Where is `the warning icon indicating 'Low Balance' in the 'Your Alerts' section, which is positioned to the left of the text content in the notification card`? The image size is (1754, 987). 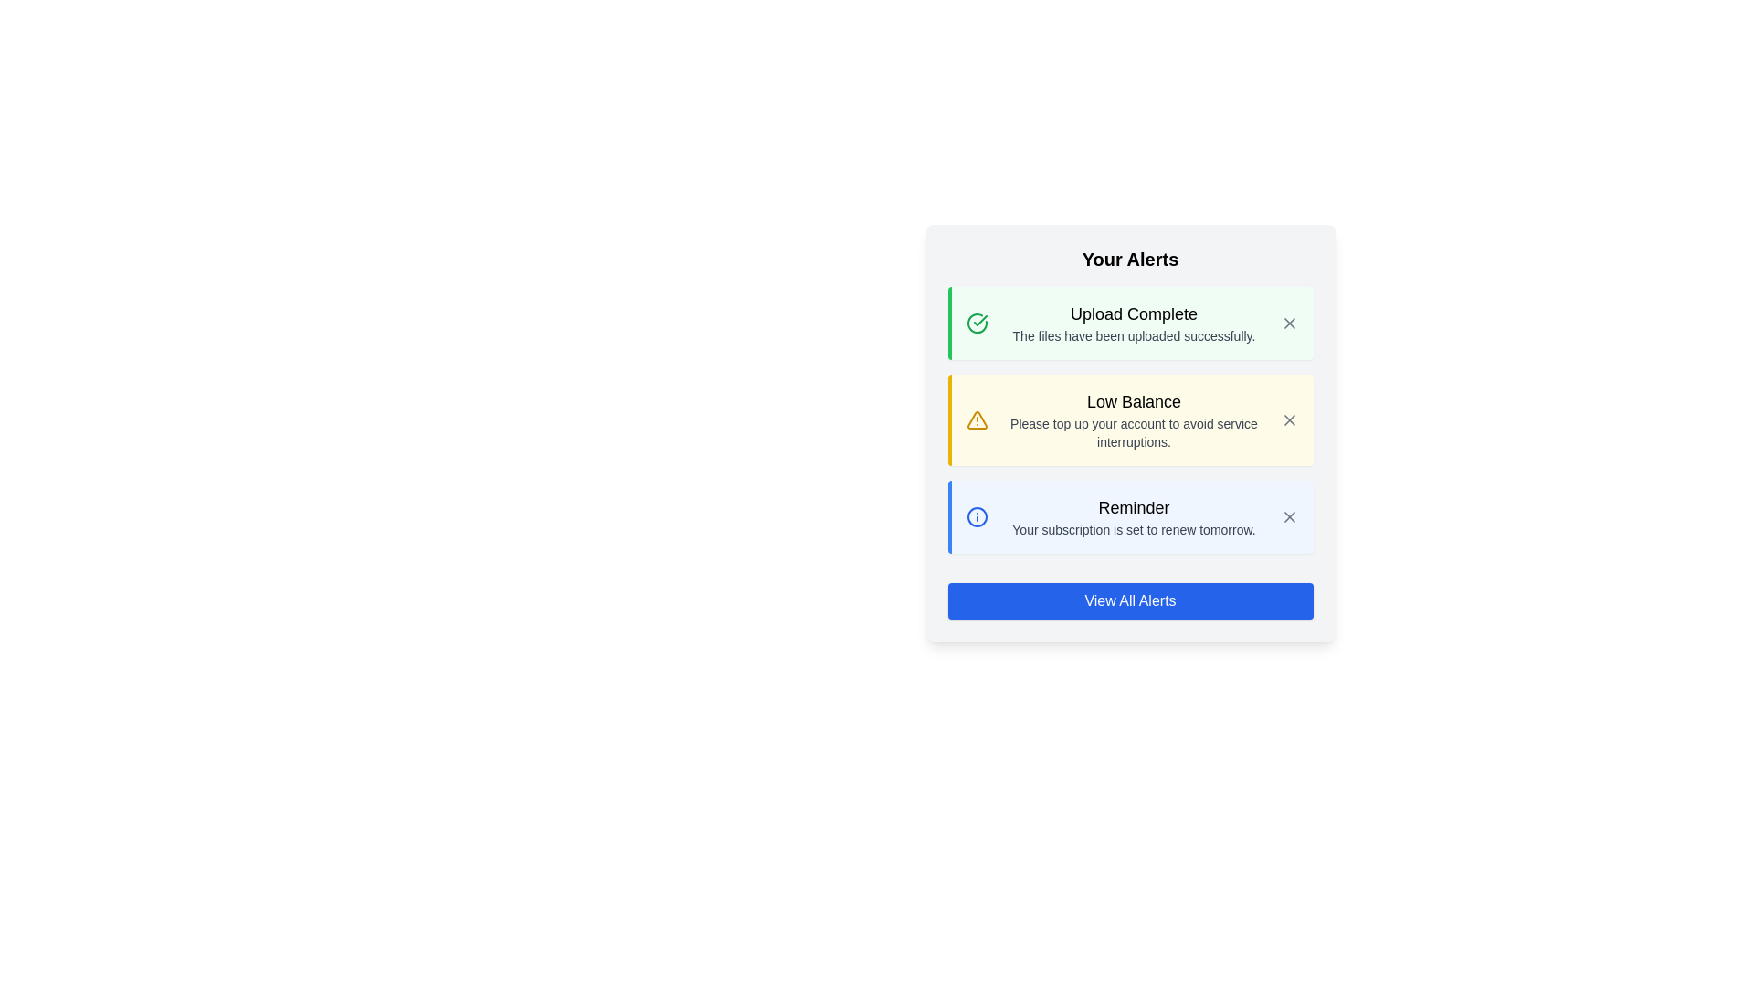 the warning icon indicating 'Low Balance' in the 'Your Alerts' section, which is positioned to the left of the text content in the notification card is located at coordinates (976, 419).